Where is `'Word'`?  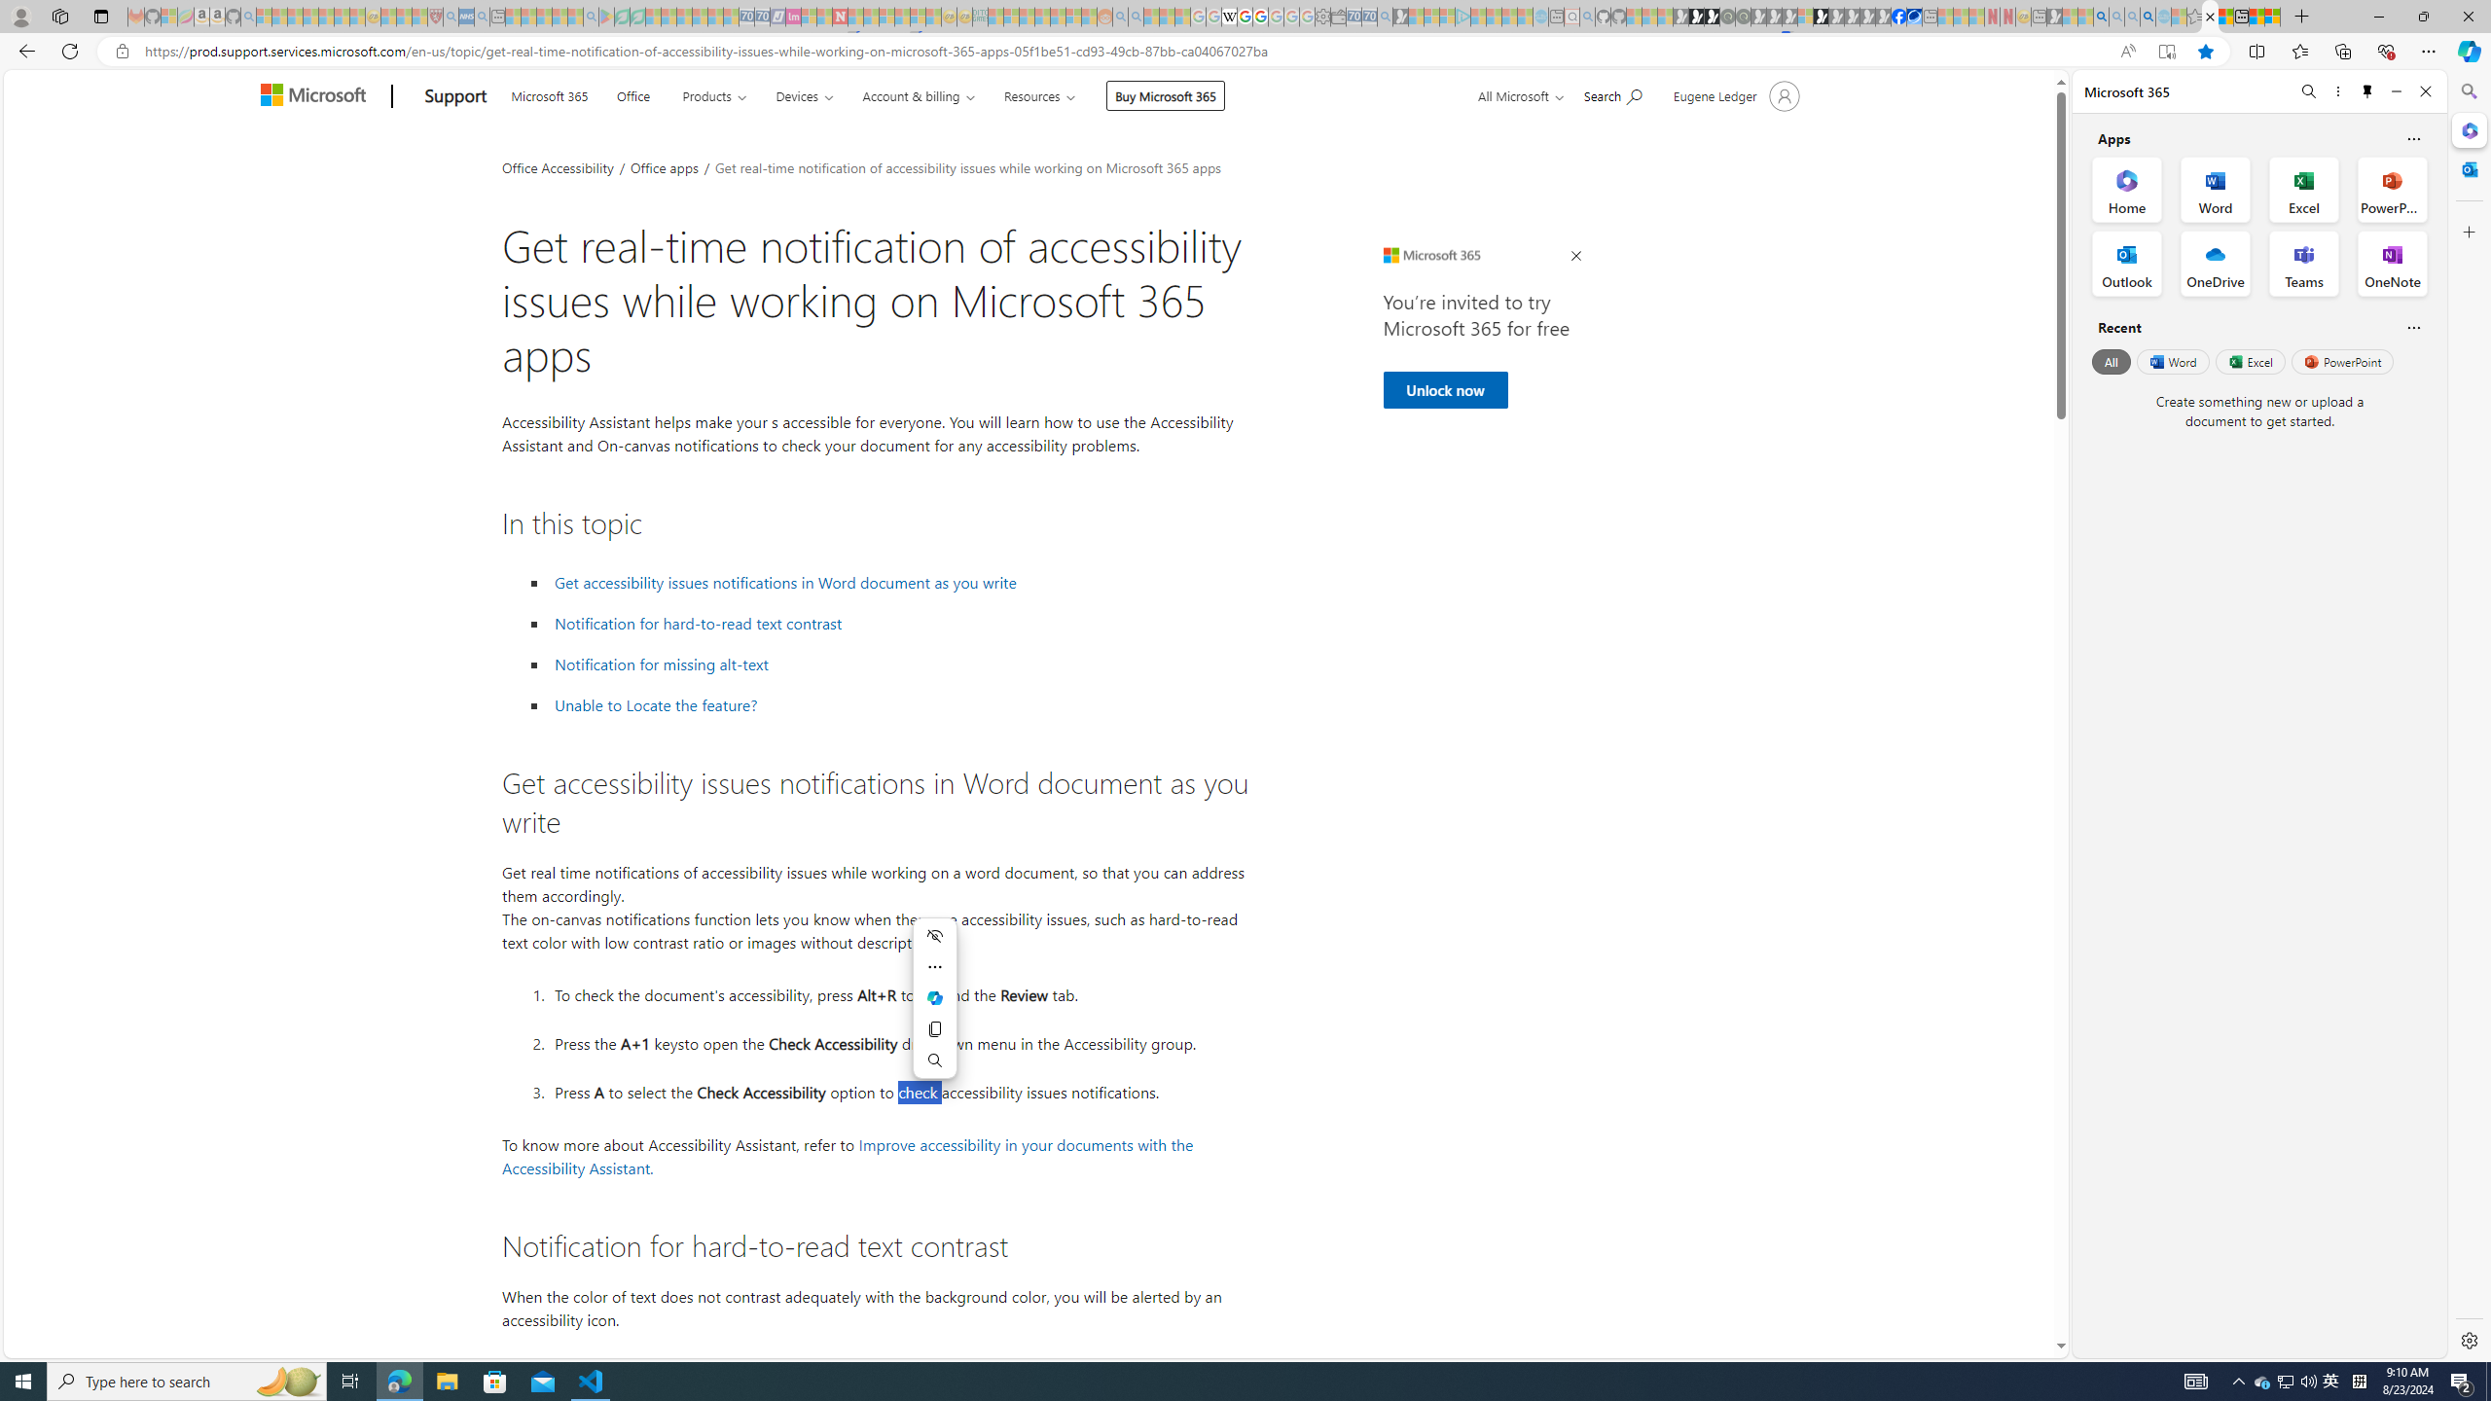 'Word' is located at coordinates (2171, 361).